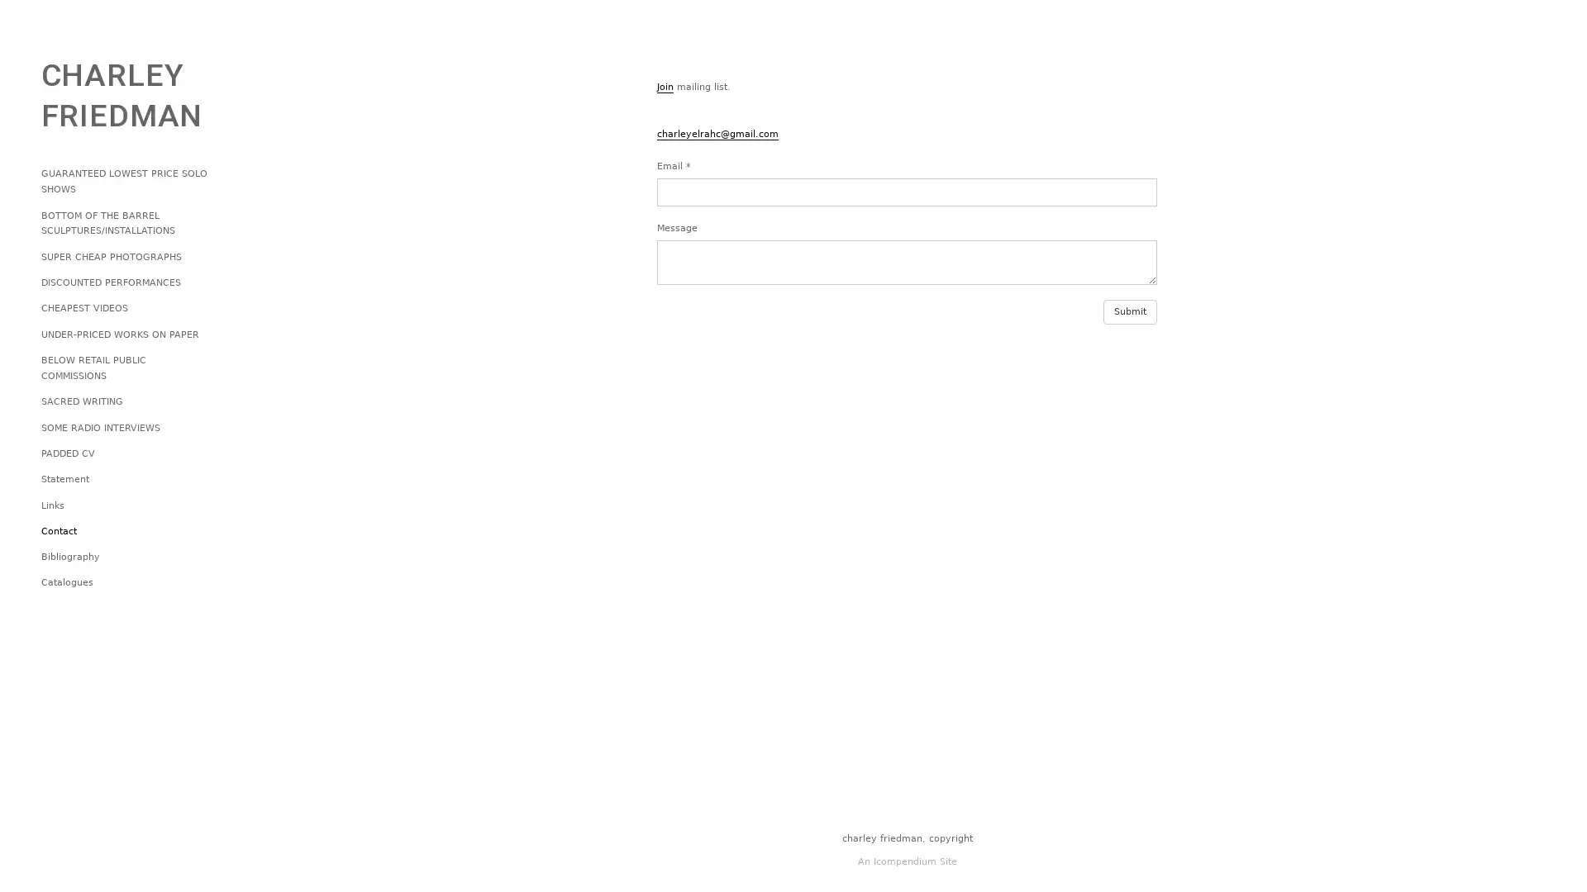  What do you see at coordinates (1129, 311) in the screenshot?
I see `Submit` at bounding box center [1129, 311].